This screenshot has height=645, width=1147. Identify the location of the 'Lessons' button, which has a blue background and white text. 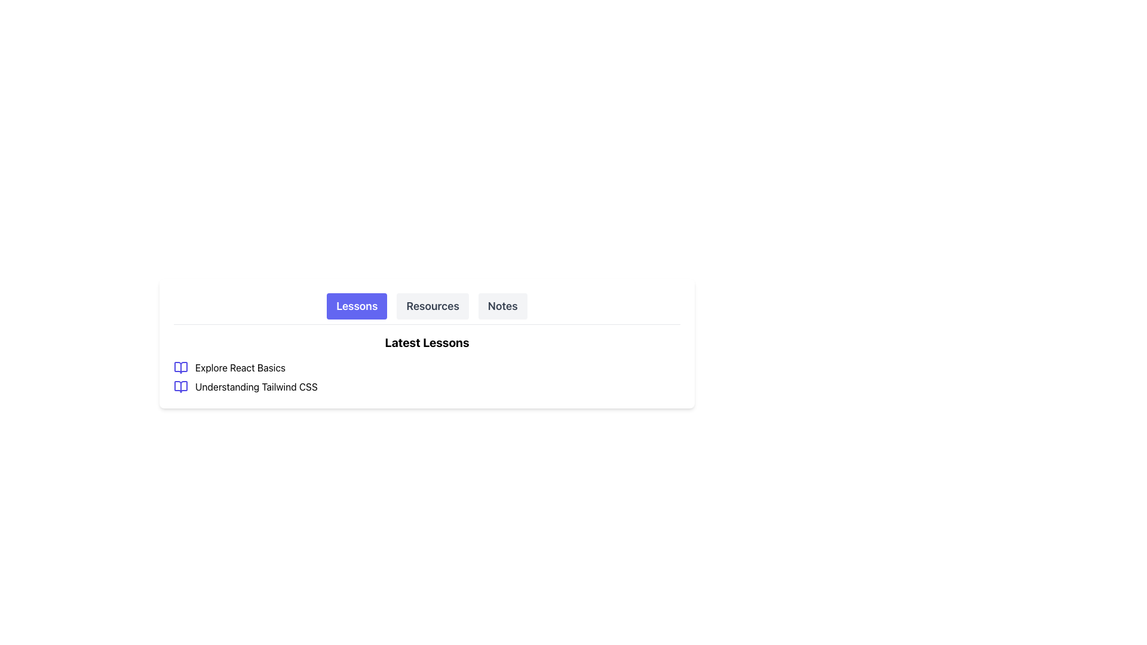
(356, 306).